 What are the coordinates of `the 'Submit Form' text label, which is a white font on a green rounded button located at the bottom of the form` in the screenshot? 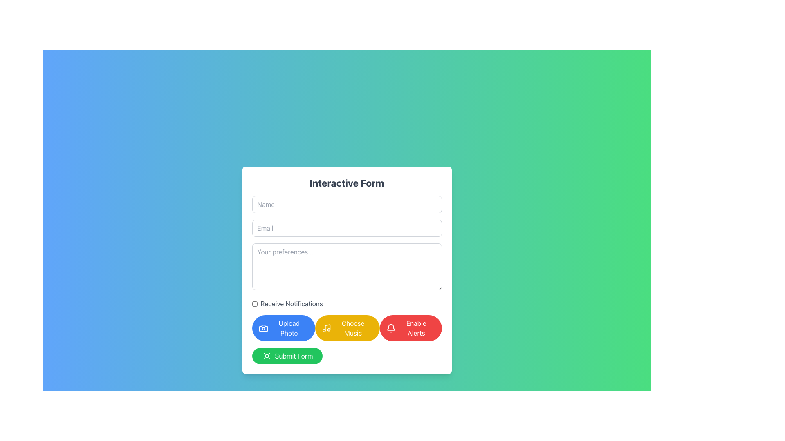 It's located at (294, 355).